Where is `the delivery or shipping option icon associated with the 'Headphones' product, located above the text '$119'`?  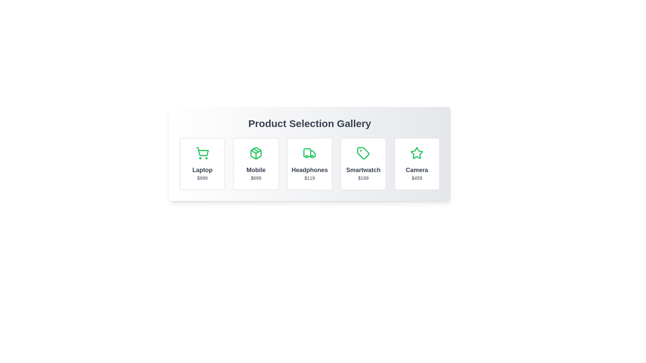
the delivery or shipping option icon associated with the 'Headphones' product, located above the text '$119' is located at coordinates (309, 153).